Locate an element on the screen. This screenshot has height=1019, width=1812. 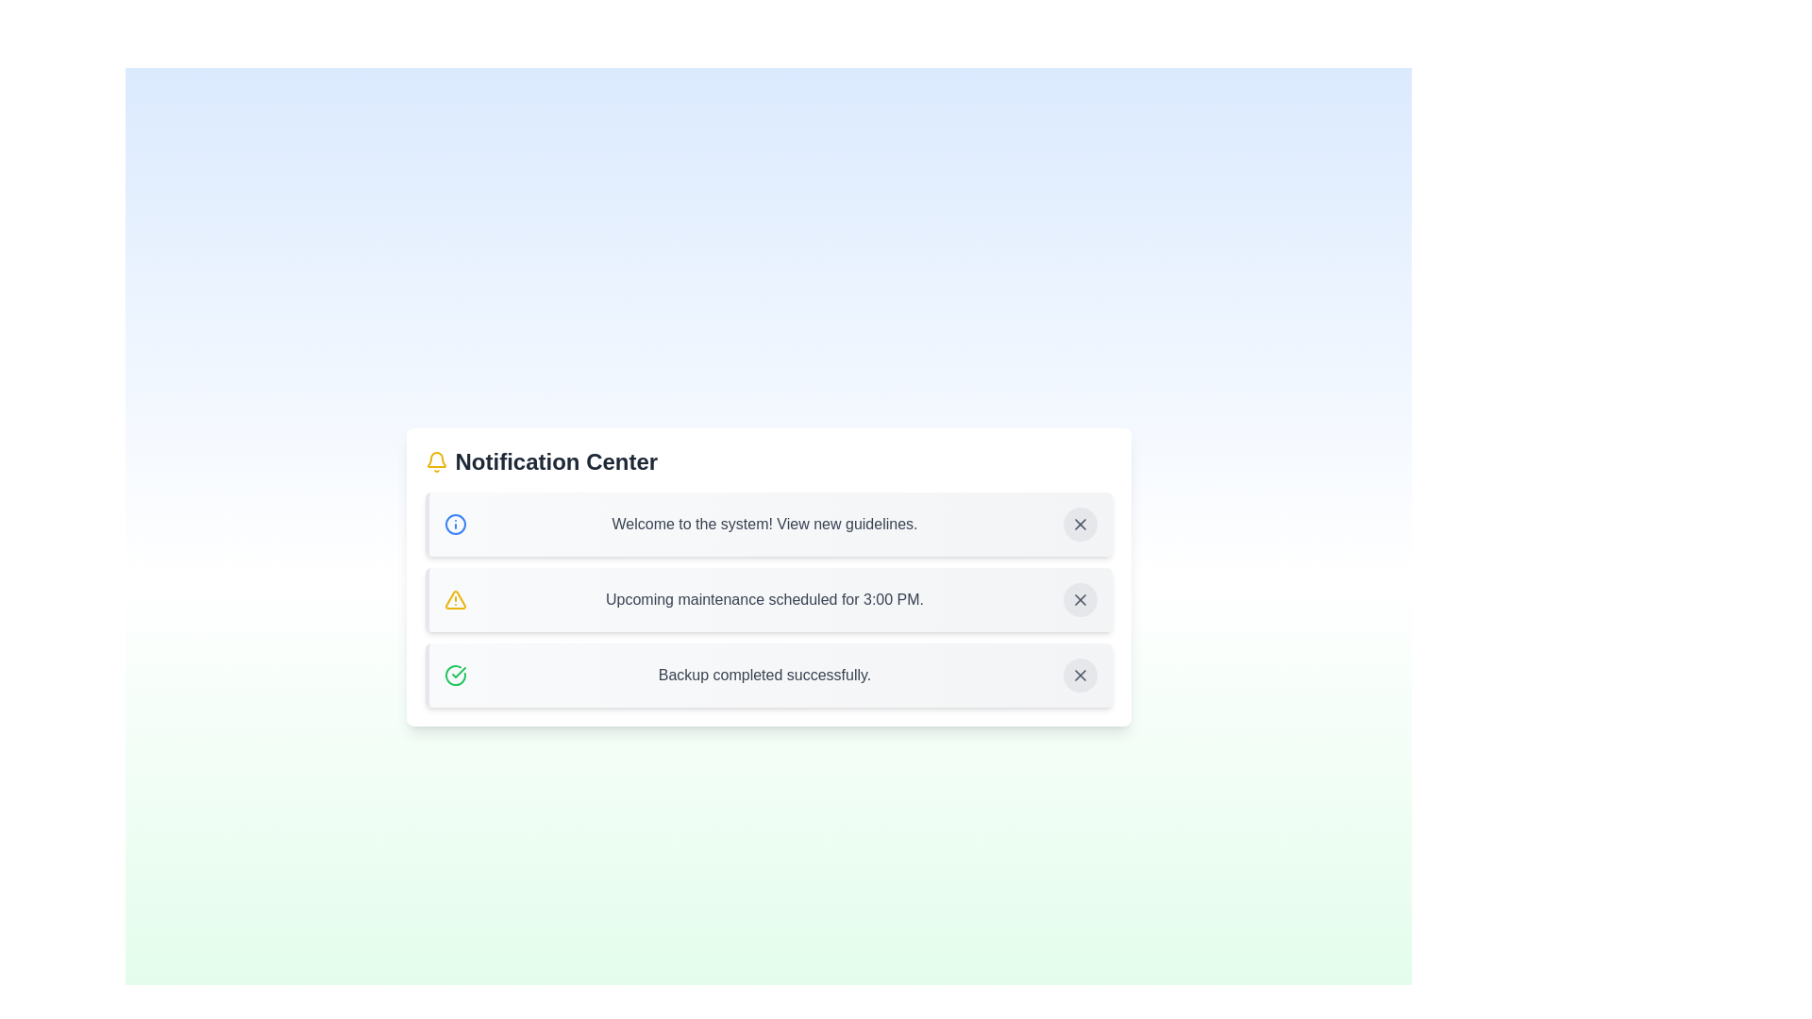
the bell icon located at the leftmost position within the header of the 'Notification Center' section is located at coordinates (435, 461).